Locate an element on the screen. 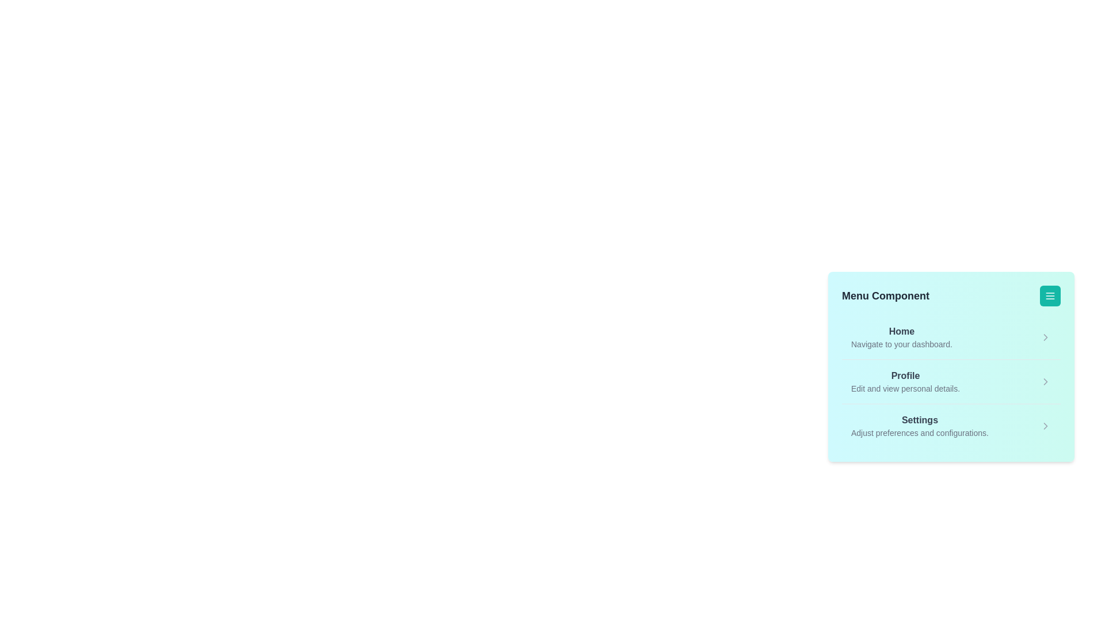  the menu item Settings from the menu list is located at coordinates (919, 426).